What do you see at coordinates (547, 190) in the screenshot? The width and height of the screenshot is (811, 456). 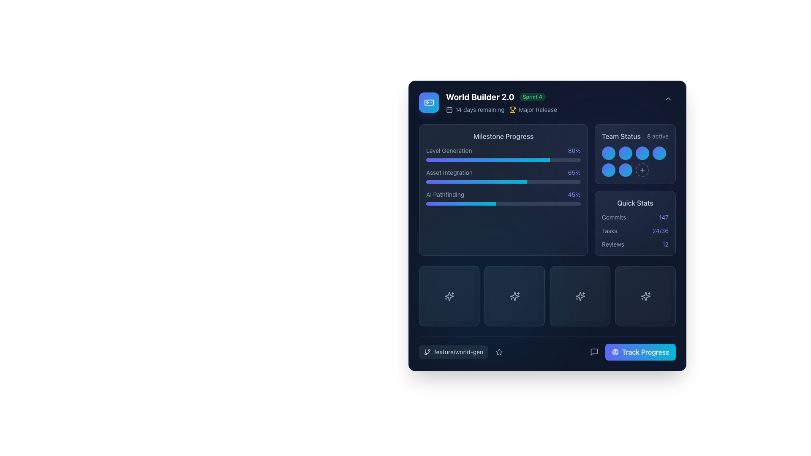 I see `the composite progress display widget titled 'Milestone Progress' to trigger further actions` at bounding box center [547, 190].